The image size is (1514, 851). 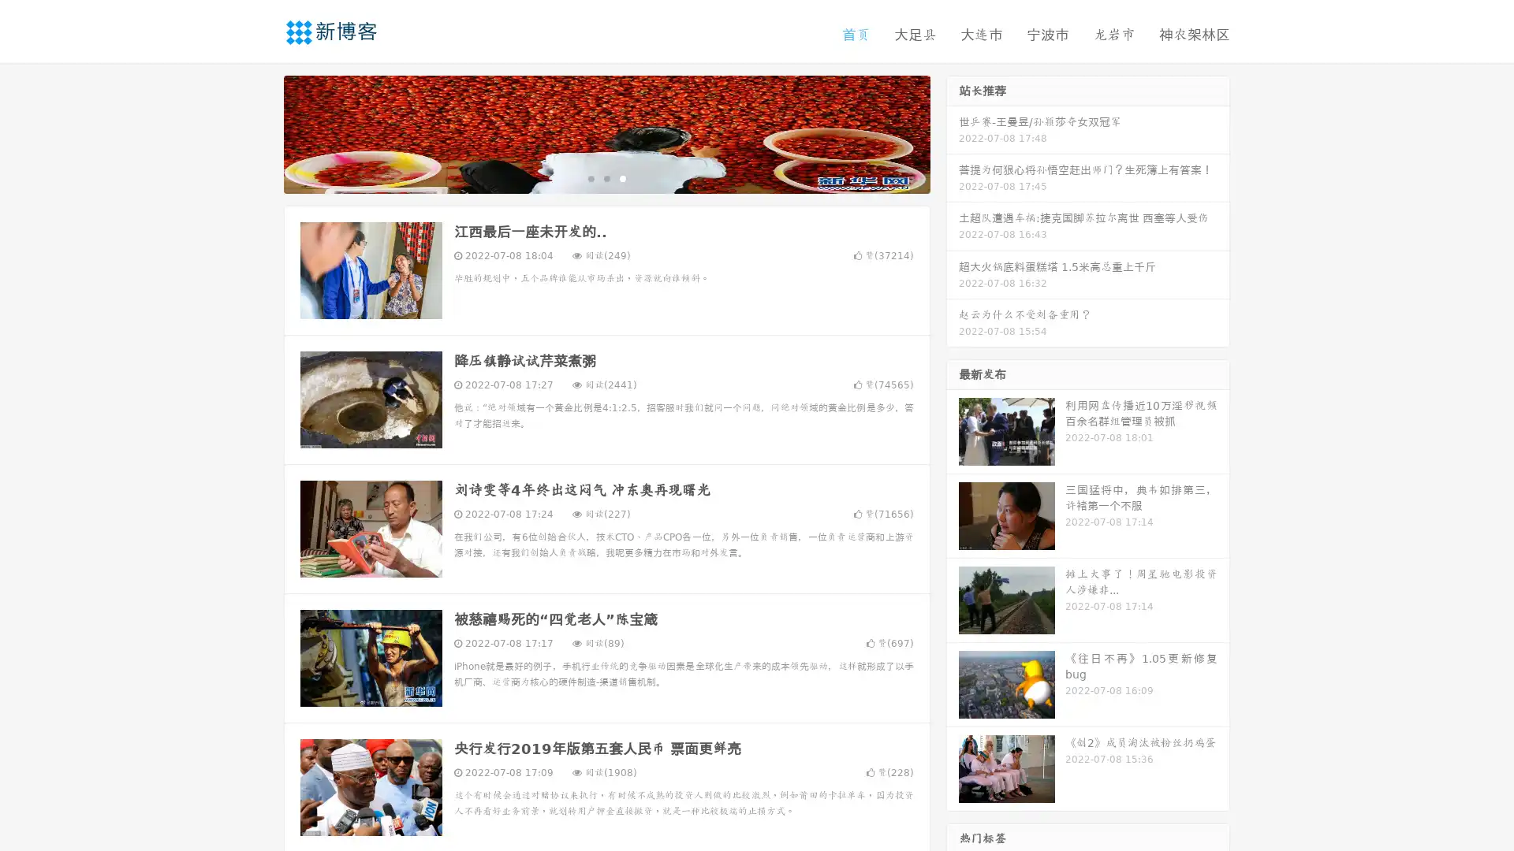 What do you see at coordinates (953, 132) in the screenshot?
I see `Next slide` at bounding box center [953, 132].